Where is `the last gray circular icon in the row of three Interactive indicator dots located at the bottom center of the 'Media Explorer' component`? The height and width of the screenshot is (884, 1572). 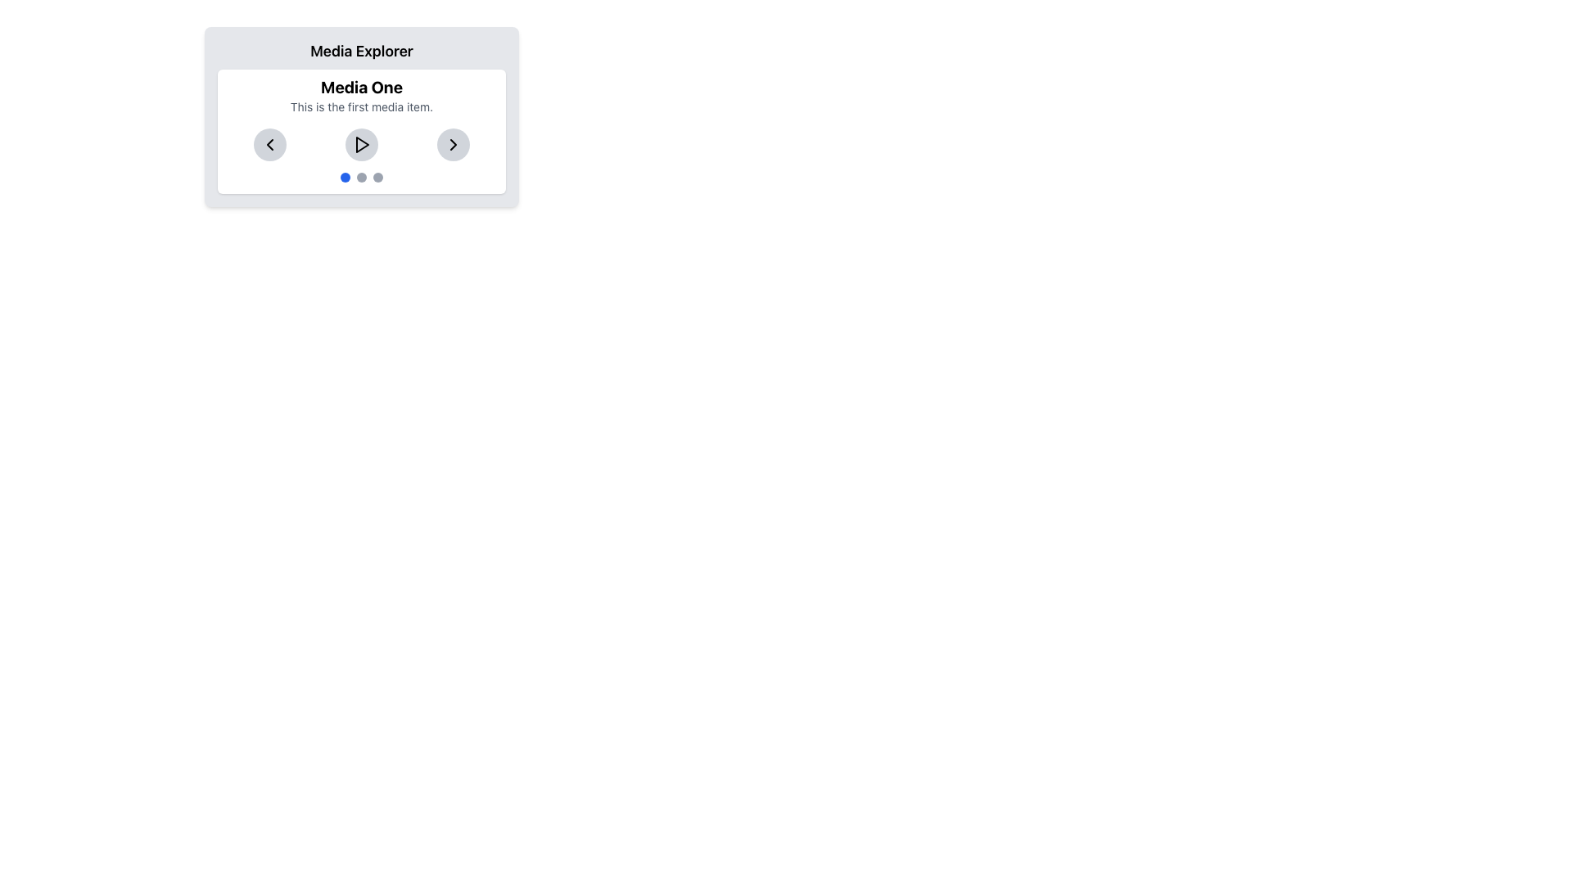 the last gray circular icon in the row of three Interactive indicator dots located at the bottom center of the 'Media Explorer' component is located at coordinates (377, 177).